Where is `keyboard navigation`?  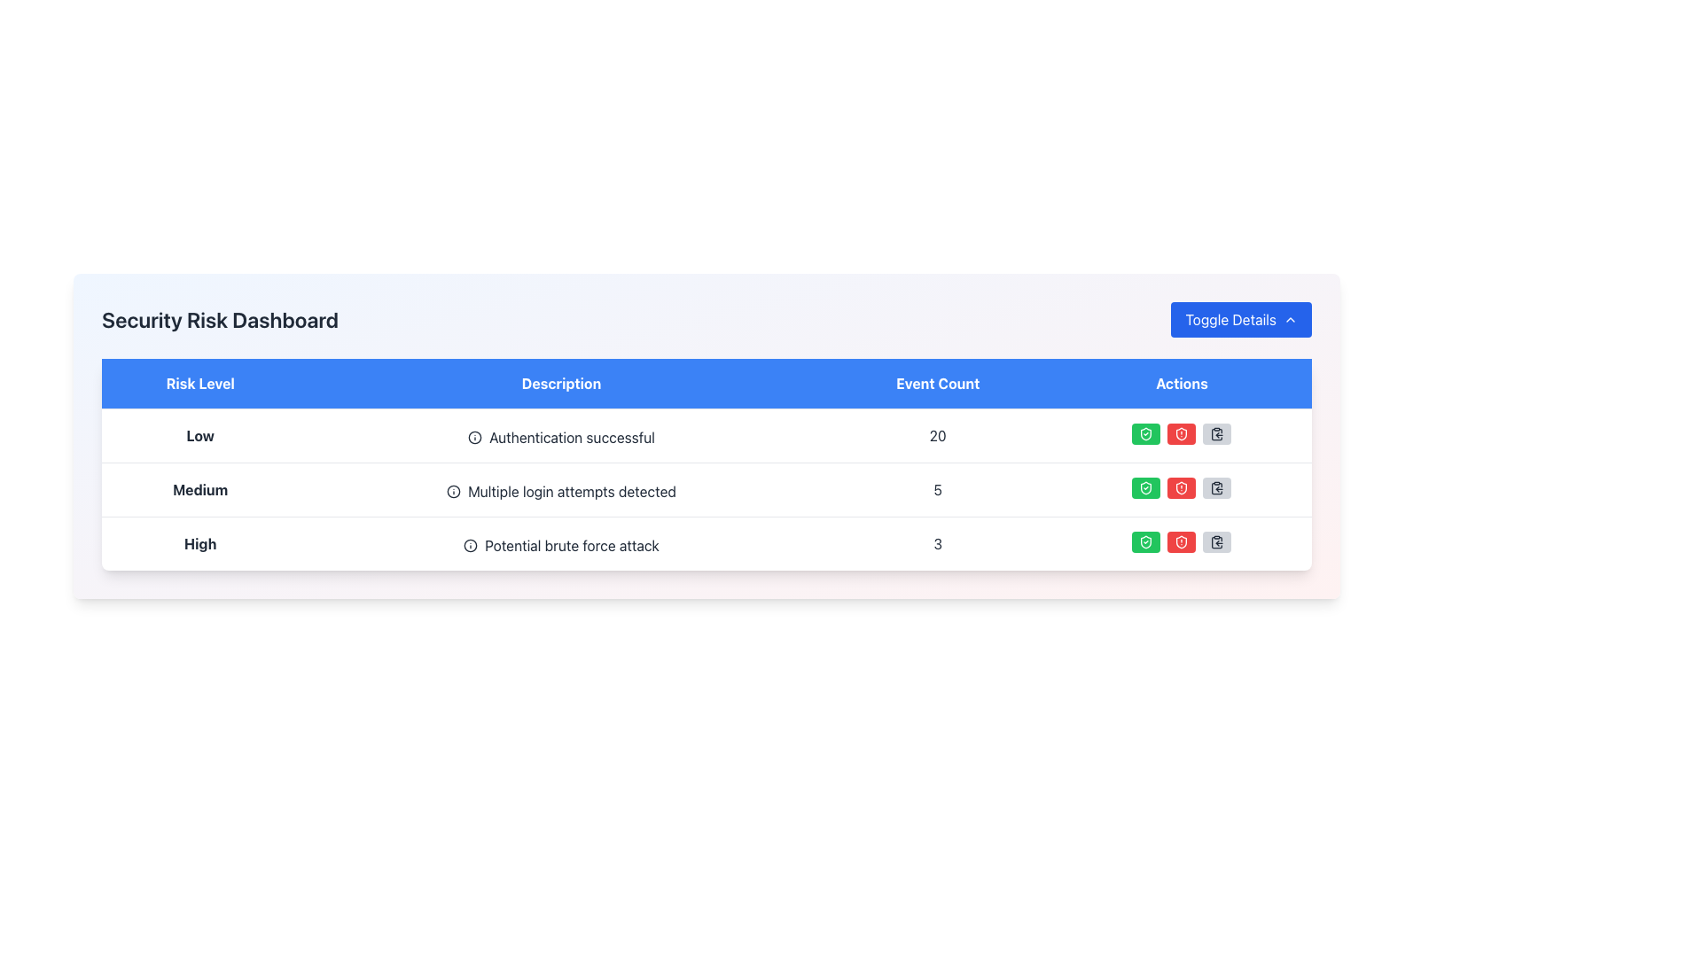 keyboard navigation is located at coordinates (1182, 433).